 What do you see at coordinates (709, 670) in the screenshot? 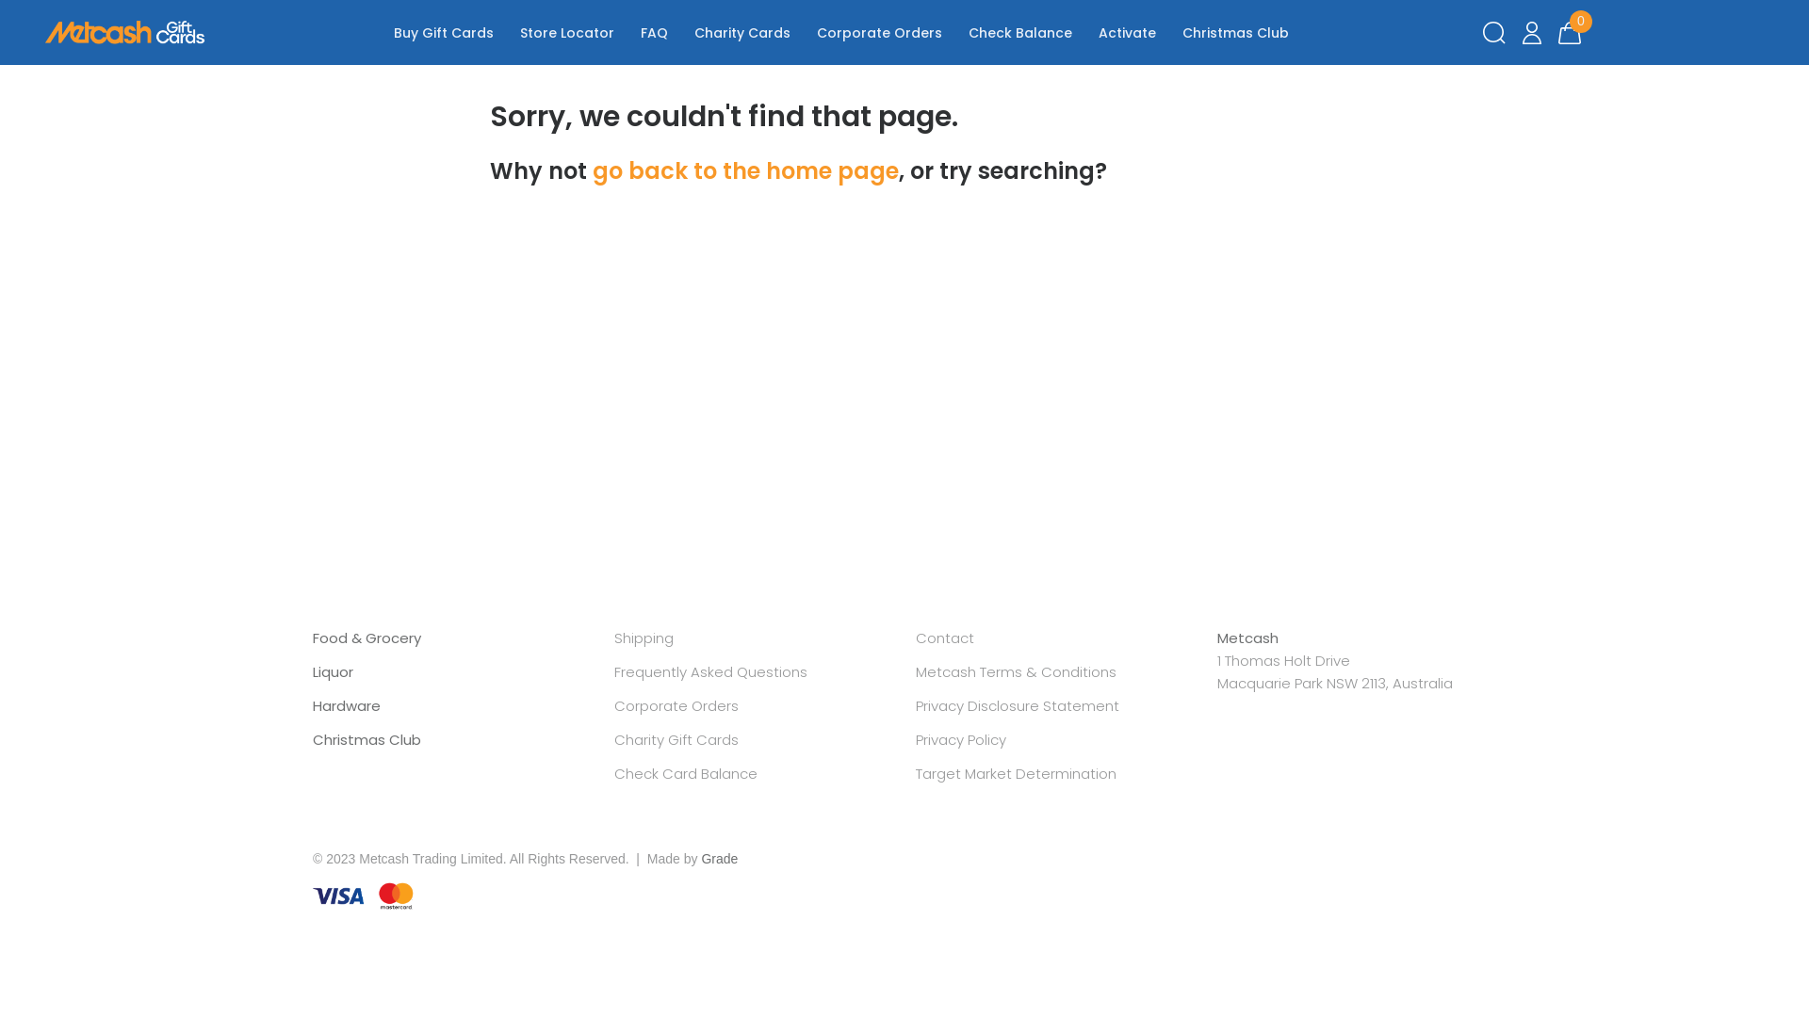
I see `'Frequently Asked Questions'` at bounding box center [709, 670].